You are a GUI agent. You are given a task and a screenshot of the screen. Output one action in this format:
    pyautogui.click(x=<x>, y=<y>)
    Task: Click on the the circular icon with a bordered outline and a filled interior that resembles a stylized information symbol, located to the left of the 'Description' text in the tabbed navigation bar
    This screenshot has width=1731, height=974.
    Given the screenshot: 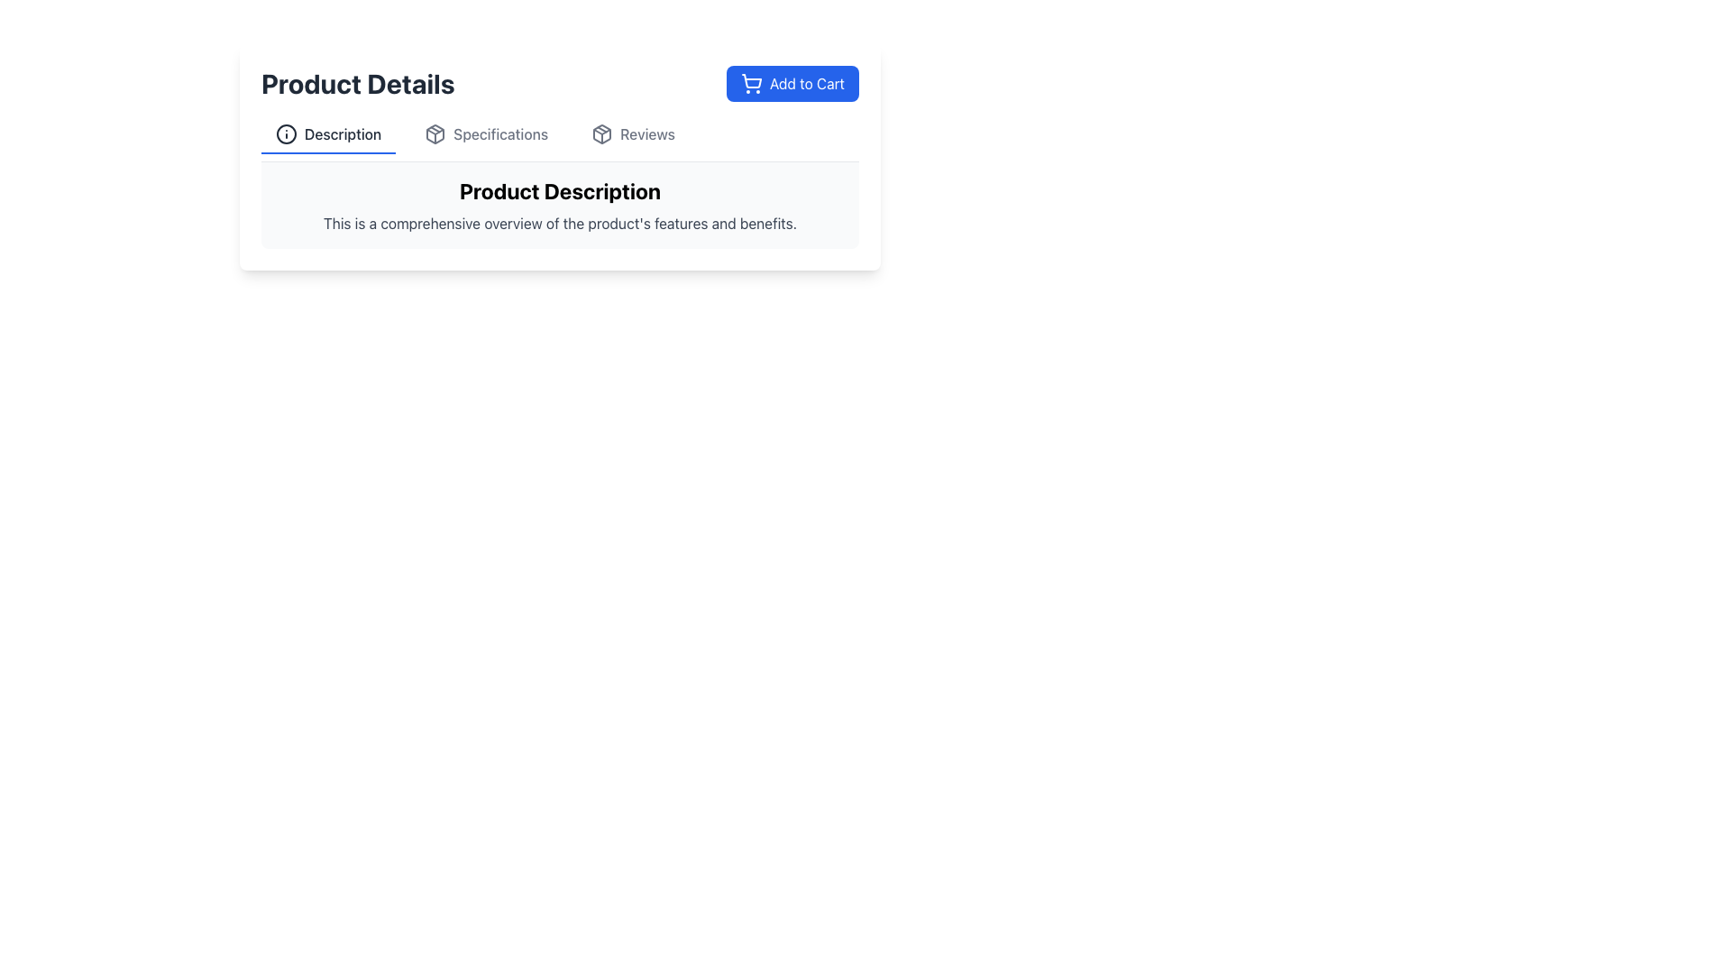 What is the action you would take?
    pyautogui.click(x=285, y=133)
    